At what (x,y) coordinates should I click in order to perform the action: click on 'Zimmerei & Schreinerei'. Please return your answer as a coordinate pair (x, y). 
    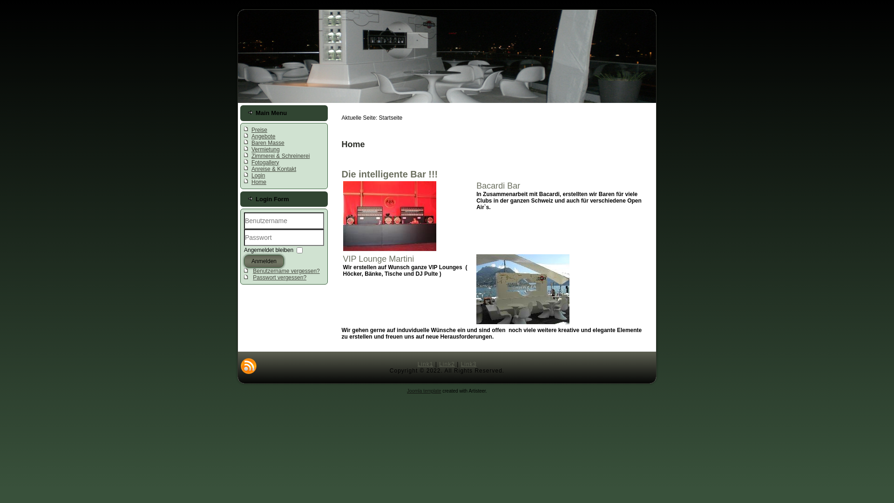
    Looking at the image, I should click on (251, 156).